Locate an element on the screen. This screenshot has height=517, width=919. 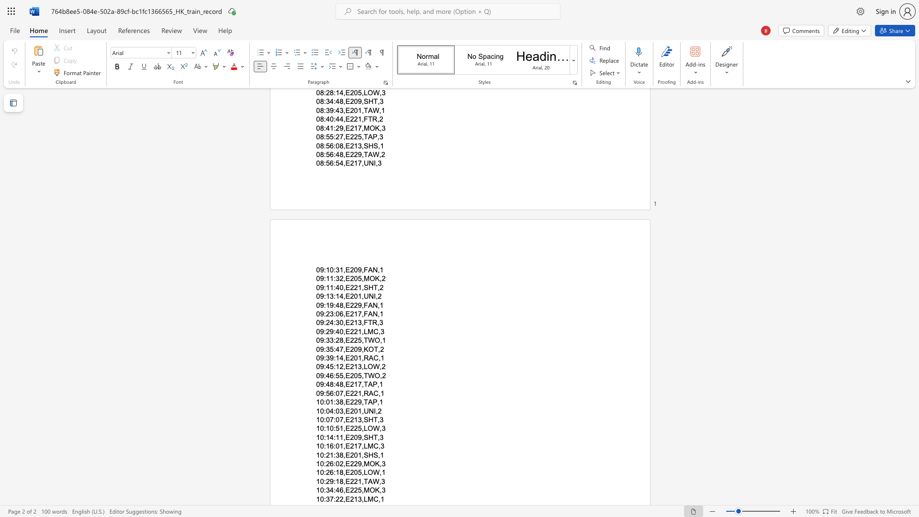
the space between the continuous character "2" and "1" in the text is located at coordinates (353, 366).